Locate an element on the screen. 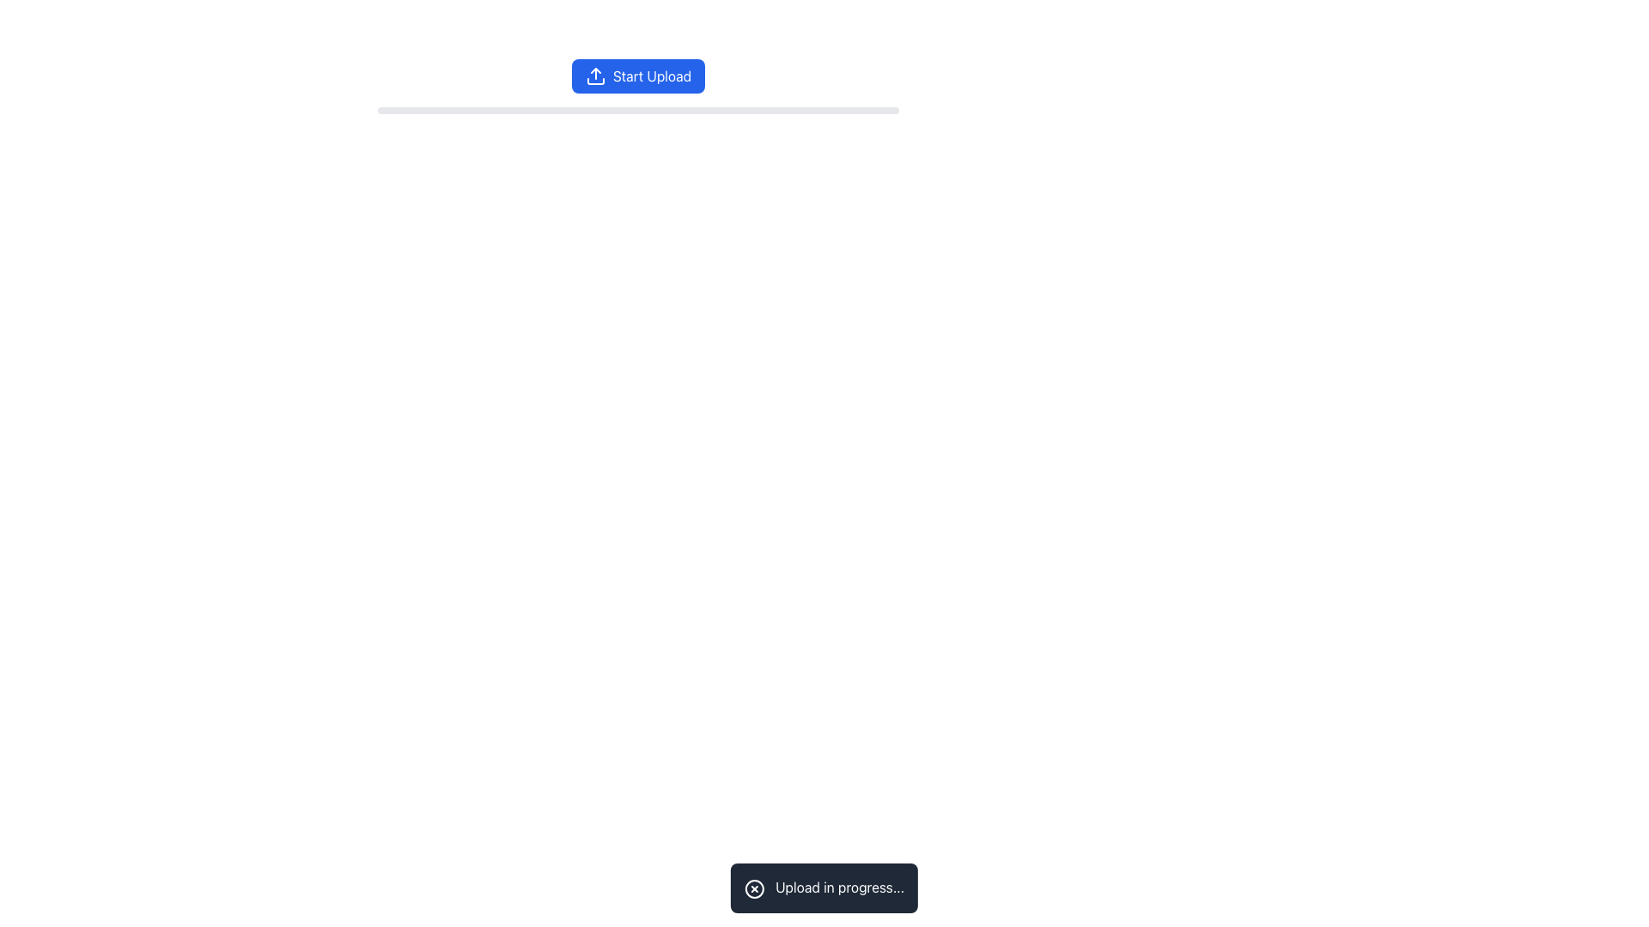 This screenshot has width=1649, height=927. notification message displayed in the notification box with dark gray background and white text saying 'Upload in progress...' is located at coordinates (824, 888).